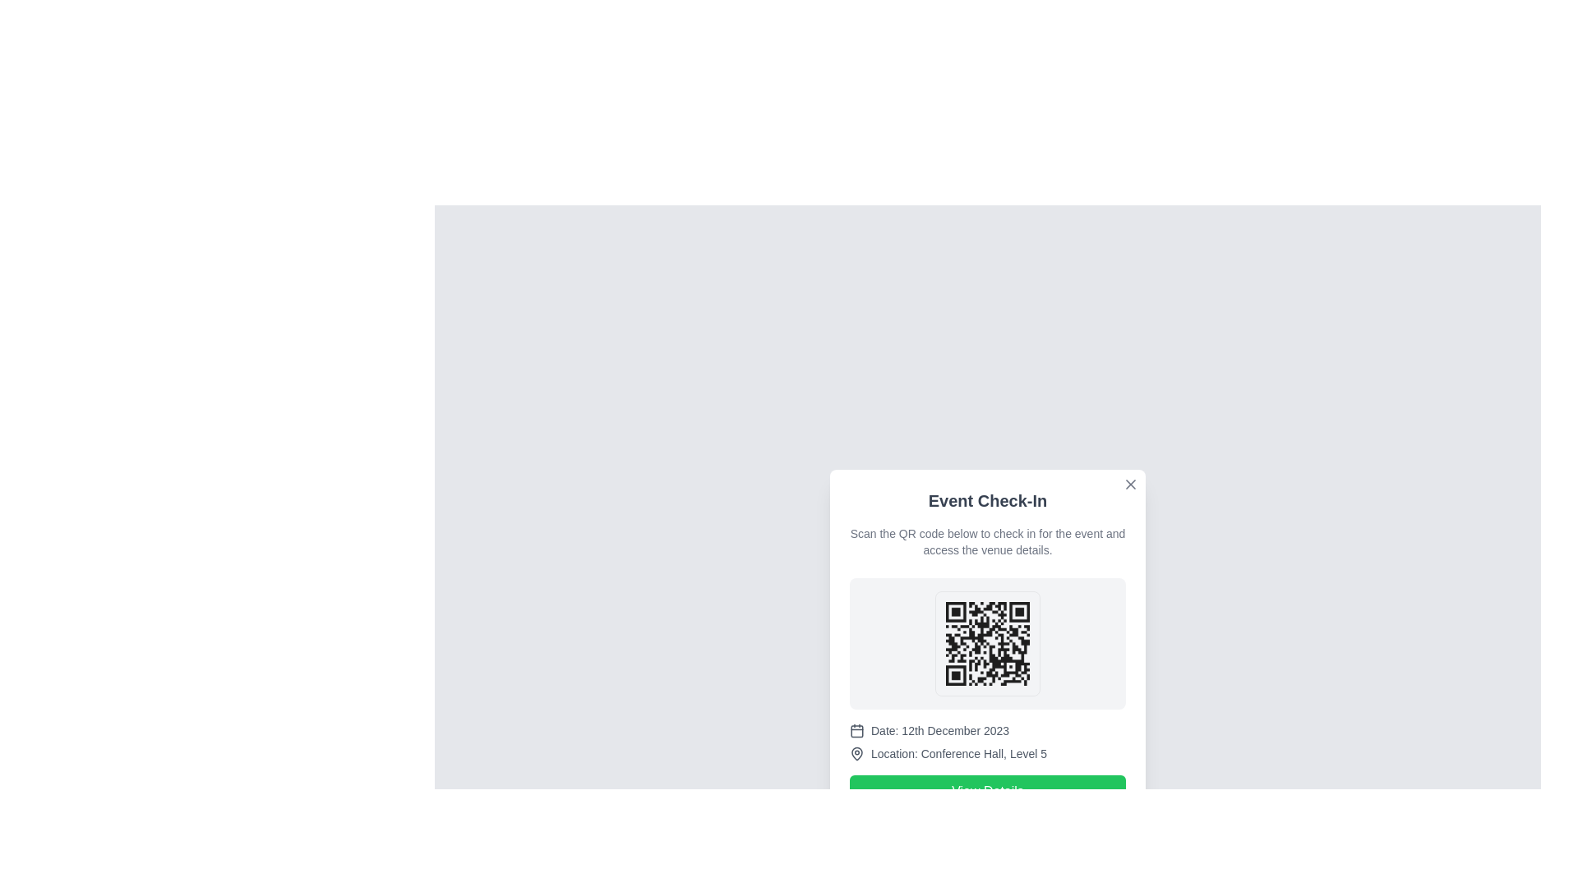  I want to click on the location icon that visually represents the concept of a location, positioned to the left of the text 'Location: Conference Hall, Level 5', so click(856, 754).